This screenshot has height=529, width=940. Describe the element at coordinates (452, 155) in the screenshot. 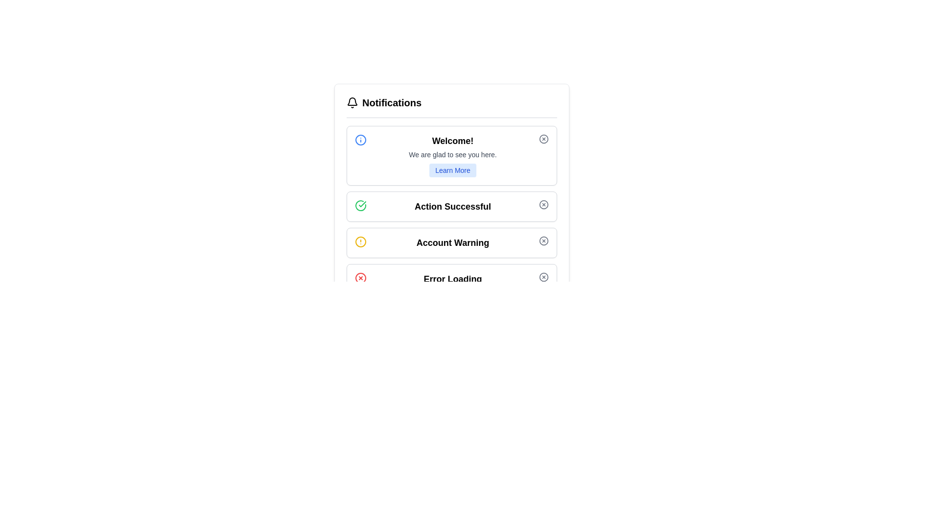

I see `the 'Learn More' hyperlink in the first notification card located in the notification section of the interface` at that location.